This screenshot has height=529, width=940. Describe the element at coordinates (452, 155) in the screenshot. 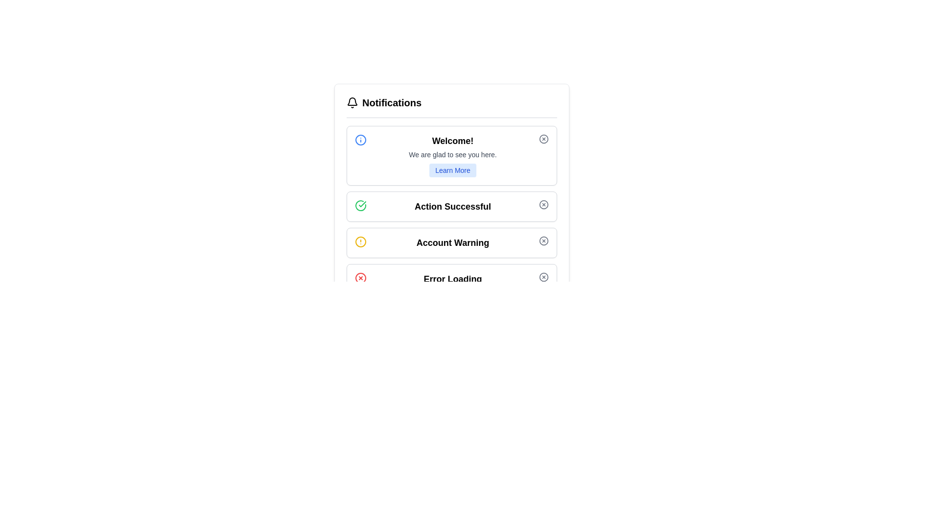

I see `the 'Learn More' hyperlink in the first notification card located in the notification section of the interface` at that location.